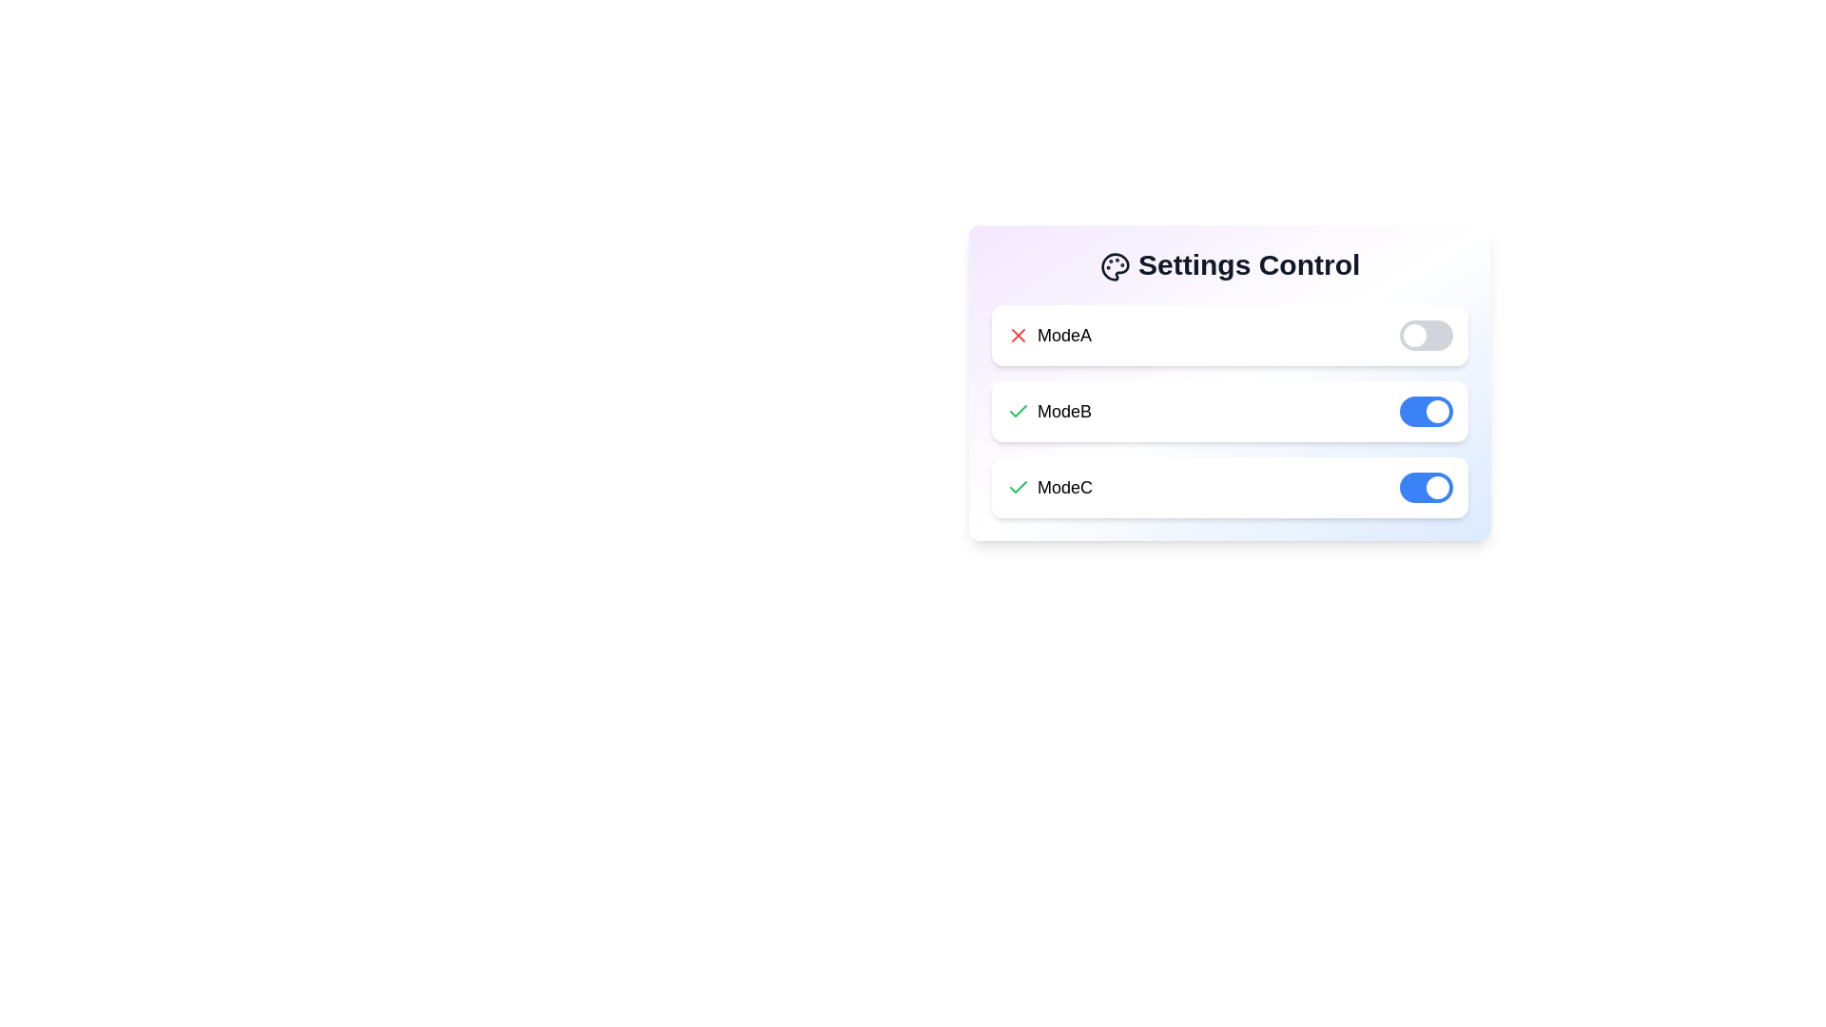  What do you see at coordinates (1426, 410) in the screenshot?
I see `the toggle switch indicating 'ModeB'` at bounding box center [1426, 410].